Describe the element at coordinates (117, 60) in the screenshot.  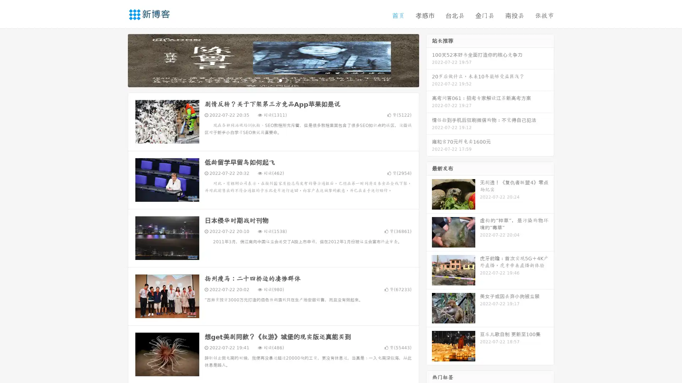
I see `Previous slide` at that location.